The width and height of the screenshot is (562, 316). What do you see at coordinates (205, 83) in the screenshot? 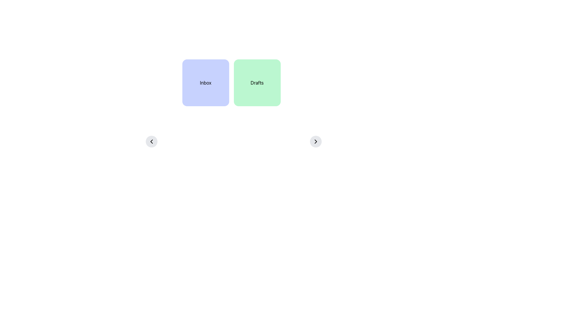
I see `the 'Inbox' category option in the horizontally scrollable list` at bounding box center [205, 83].